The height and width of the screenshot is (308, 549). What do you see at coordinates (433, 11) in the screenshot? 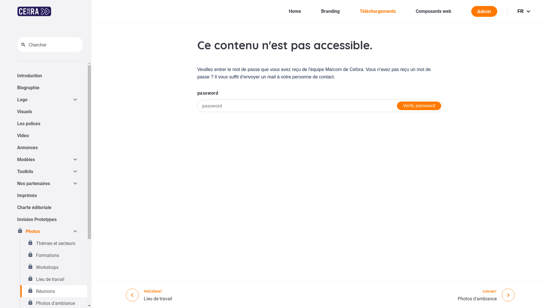
I see `'Composants web'` at bounding box center [433, 11].